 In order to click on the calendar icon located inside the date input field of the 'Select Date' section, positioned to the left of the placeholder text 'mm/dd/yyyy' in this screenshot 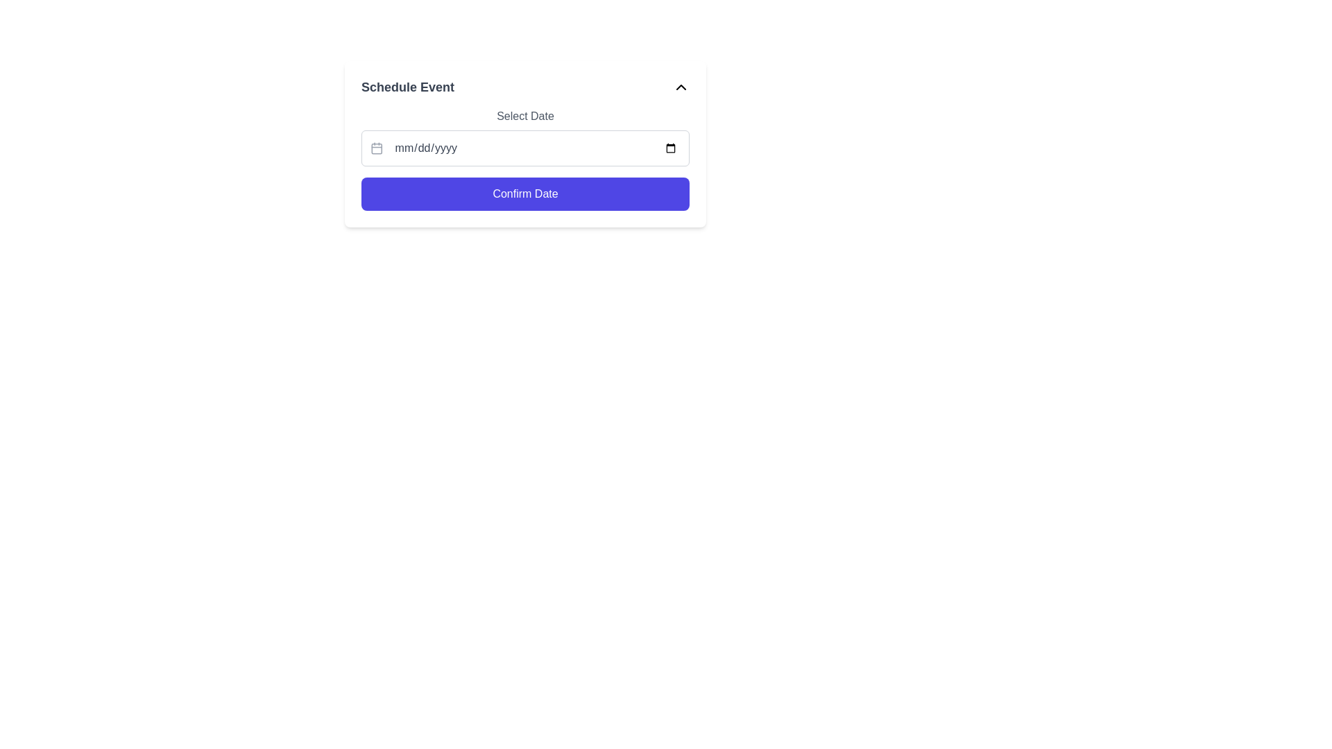, I will do `click(377, 148)`.